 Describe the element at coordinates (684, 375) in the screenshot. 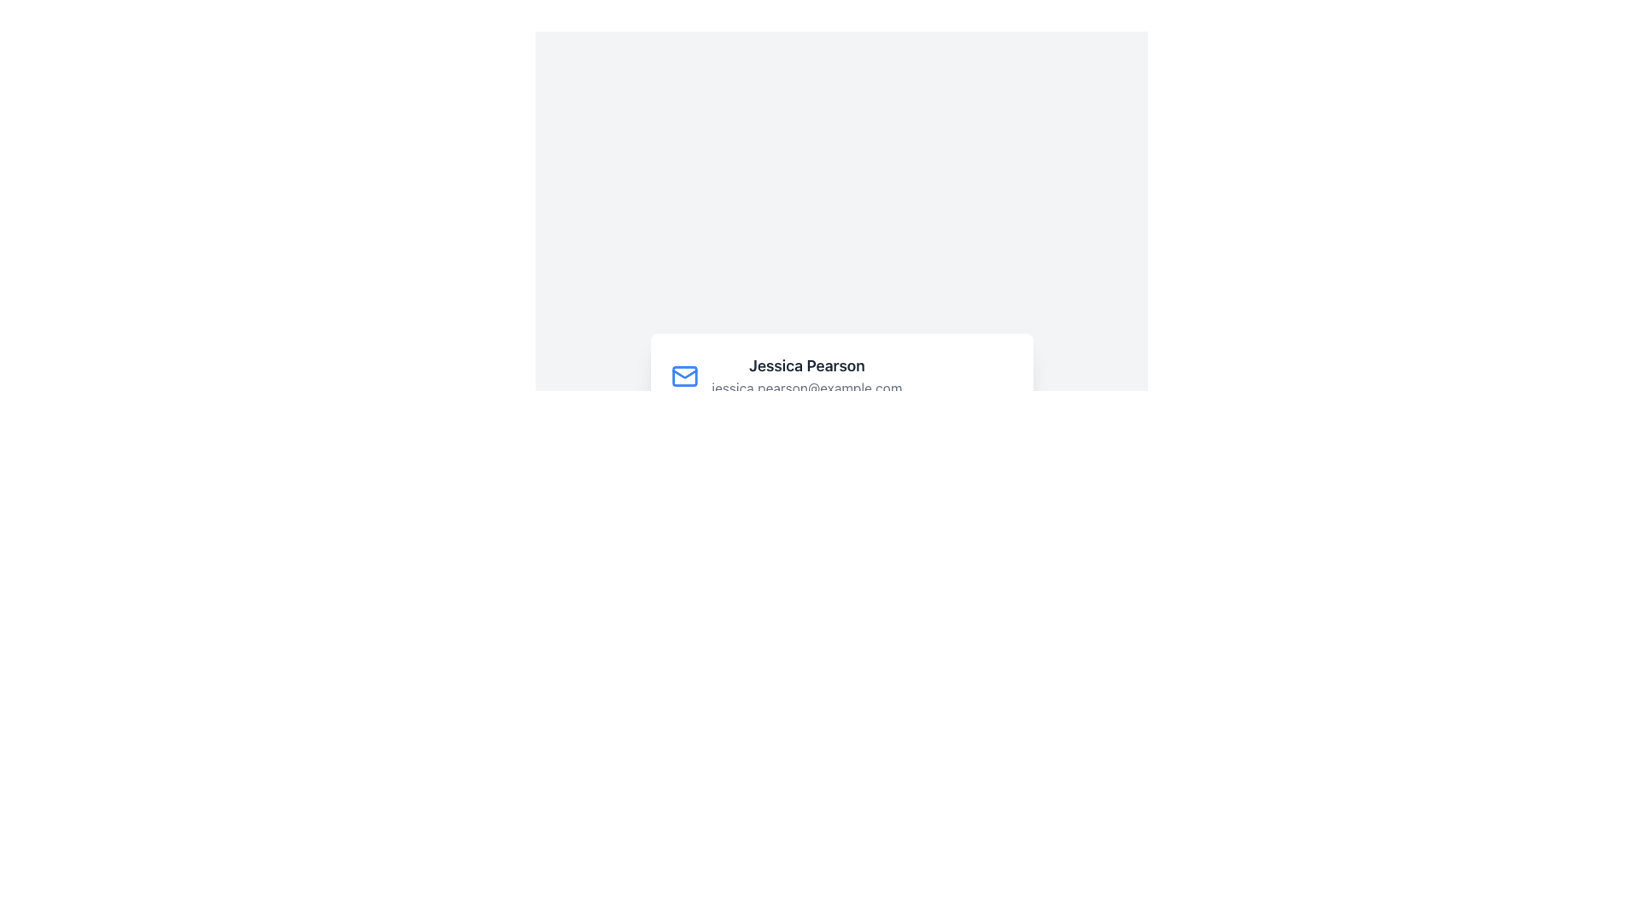

I see `the blue envelope icon located to the immediate left of the text elements displaying 'Jessica Pearson' and 'jessica.pearson@example.com'` at that location.